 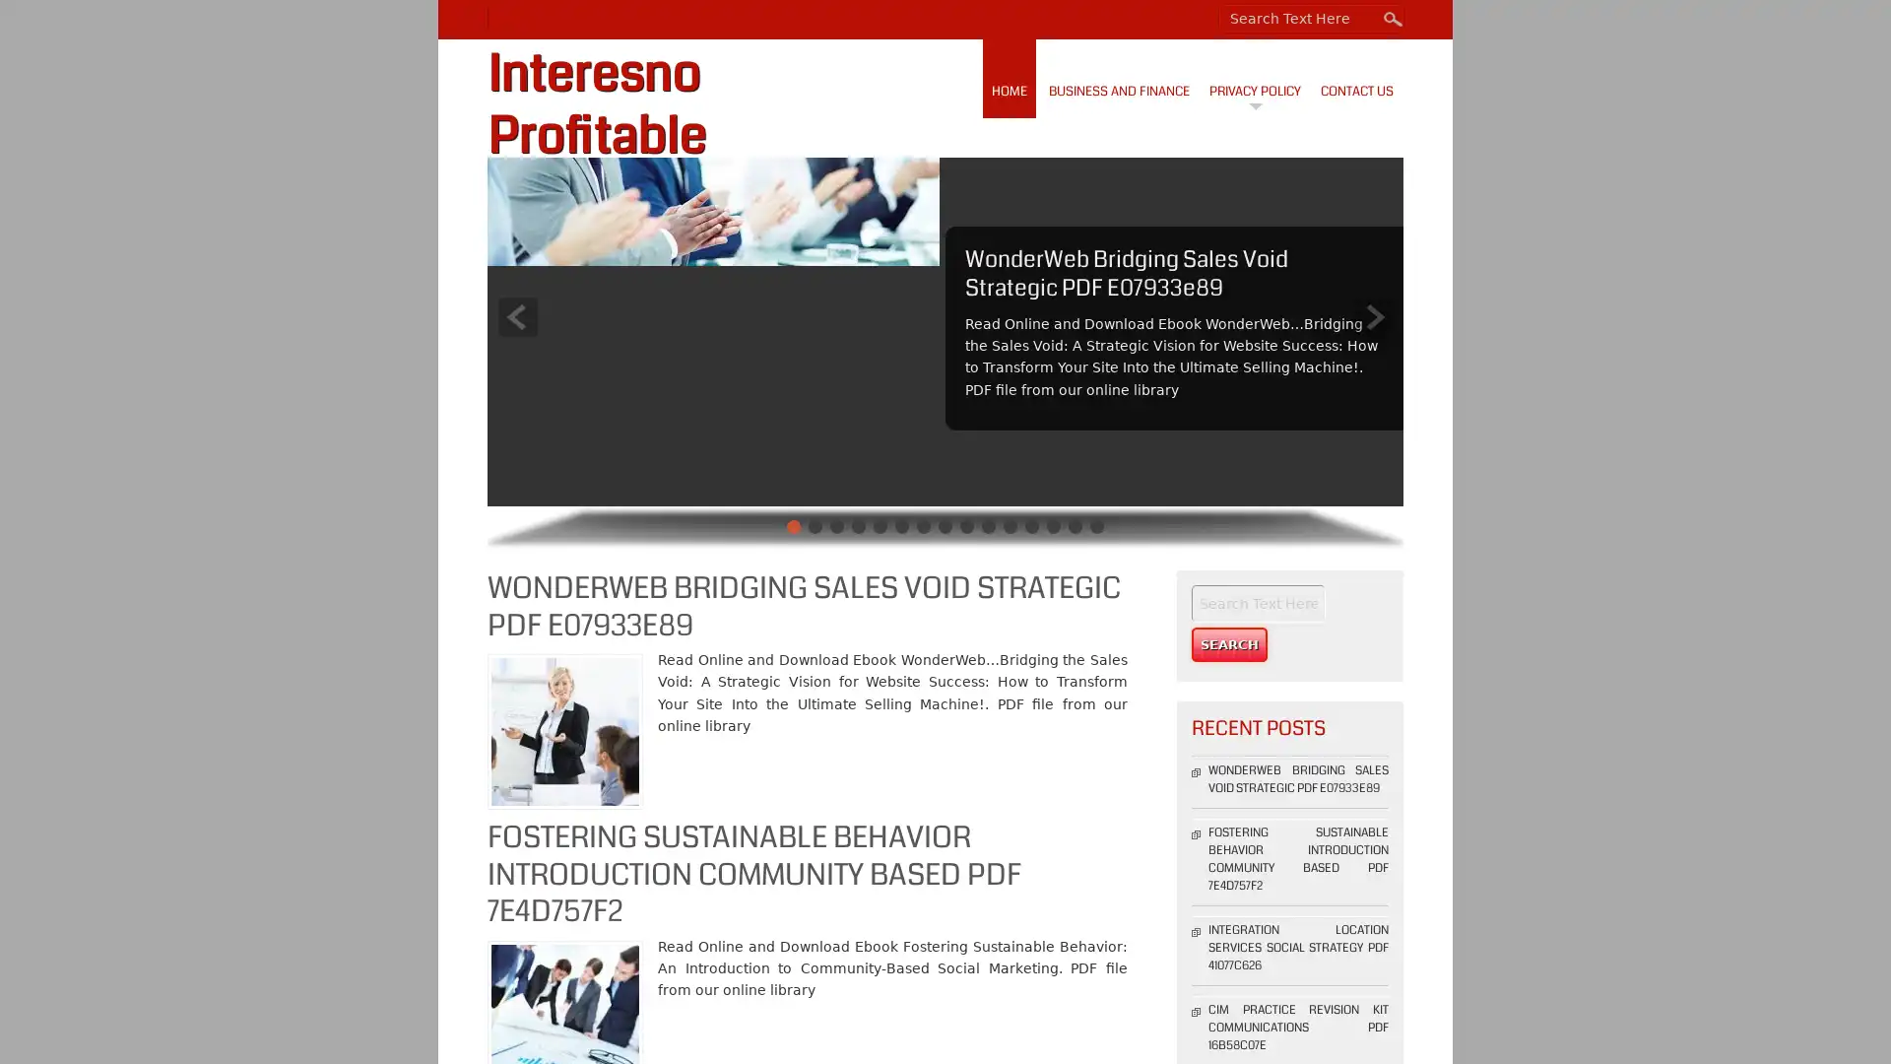 I want to click on Search, so click(x=1228, y=644).